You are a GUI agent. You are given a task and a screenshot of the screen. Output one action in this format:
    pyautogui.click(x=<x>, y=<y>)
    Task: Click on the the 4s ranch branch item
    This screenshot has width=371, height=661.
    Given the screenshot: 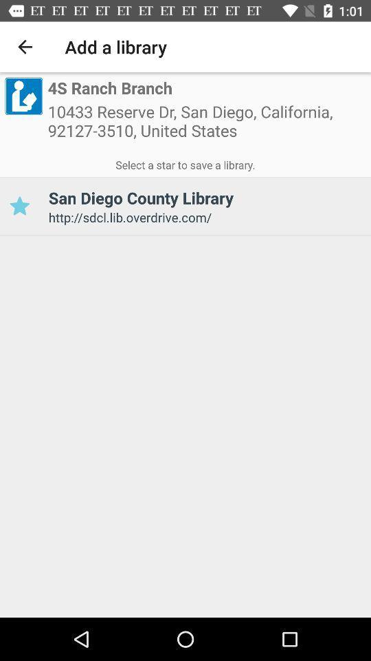 What is the action you would take?
    pyautogui.click(x=109, y=88)
    